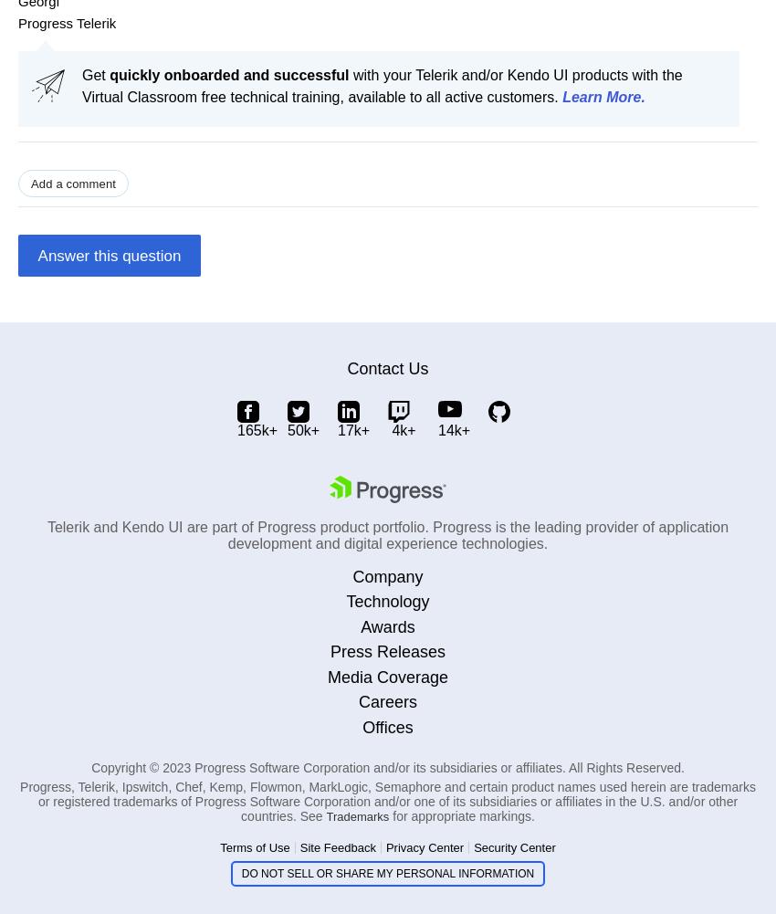 The image size is (776, 914). Describe the element at coordinates (403, 429) in the screenshot. I see `'4k+'` at that location.